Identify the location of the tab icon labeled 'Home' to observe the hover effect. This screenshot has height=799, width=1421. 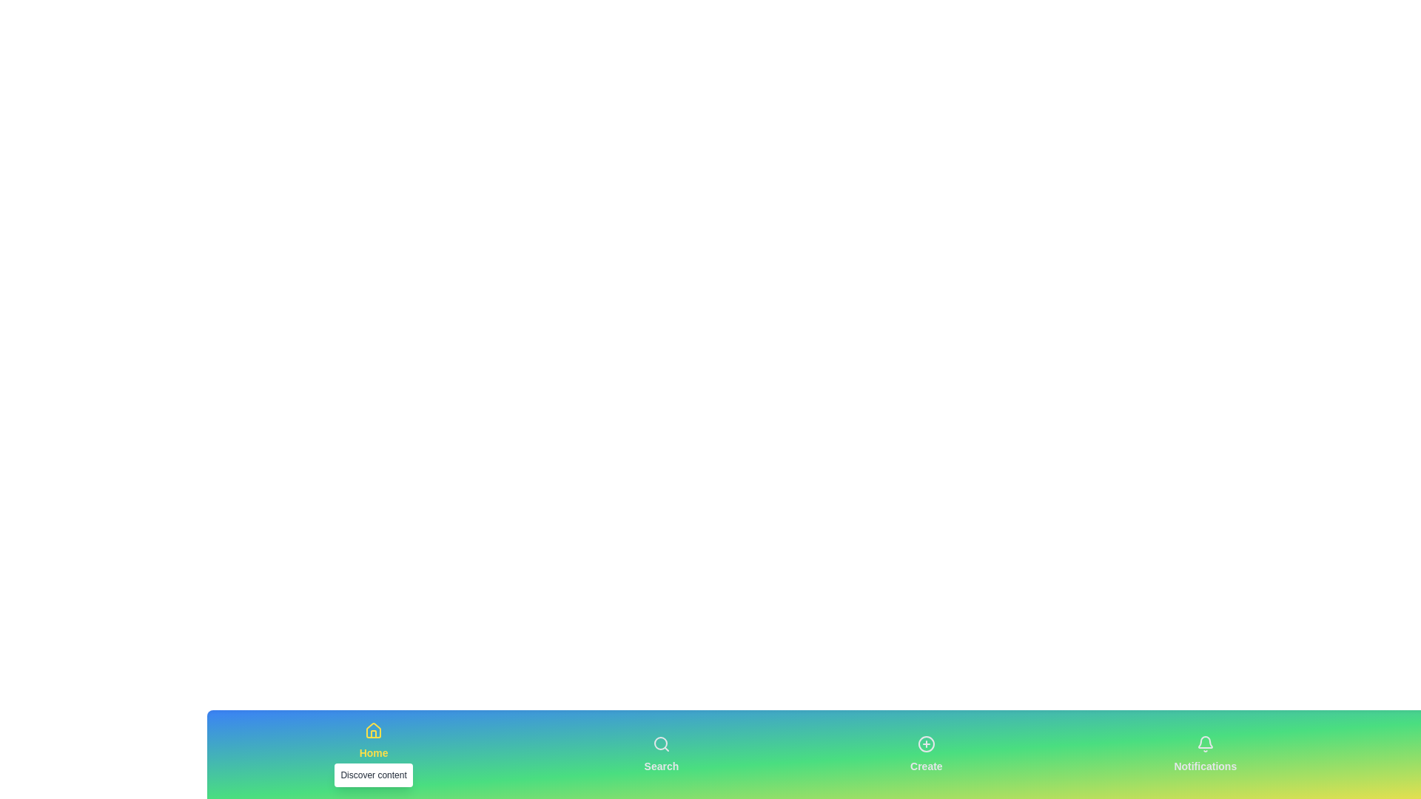
(374, 754).